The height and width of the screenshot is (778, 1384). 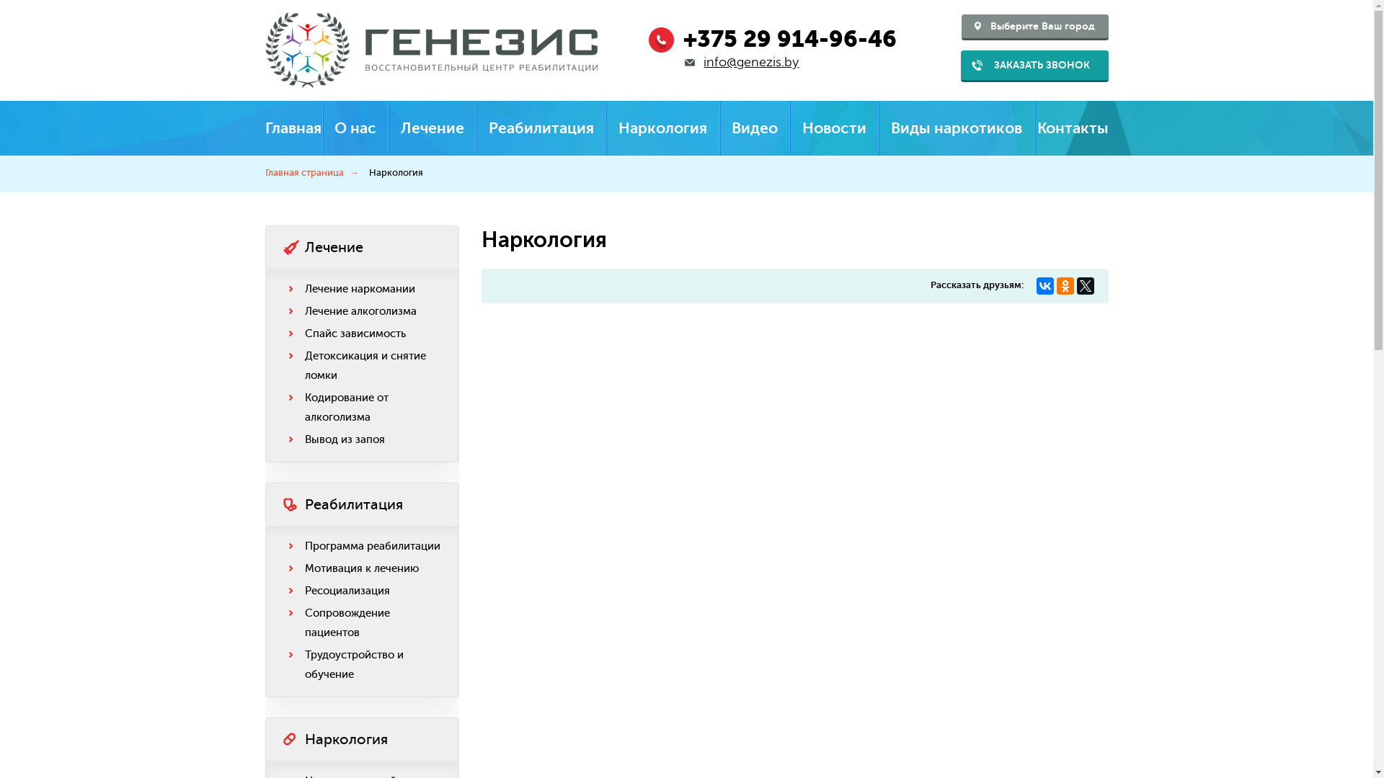 I want to click on 'Twitter', so click(x=1086, y=286).